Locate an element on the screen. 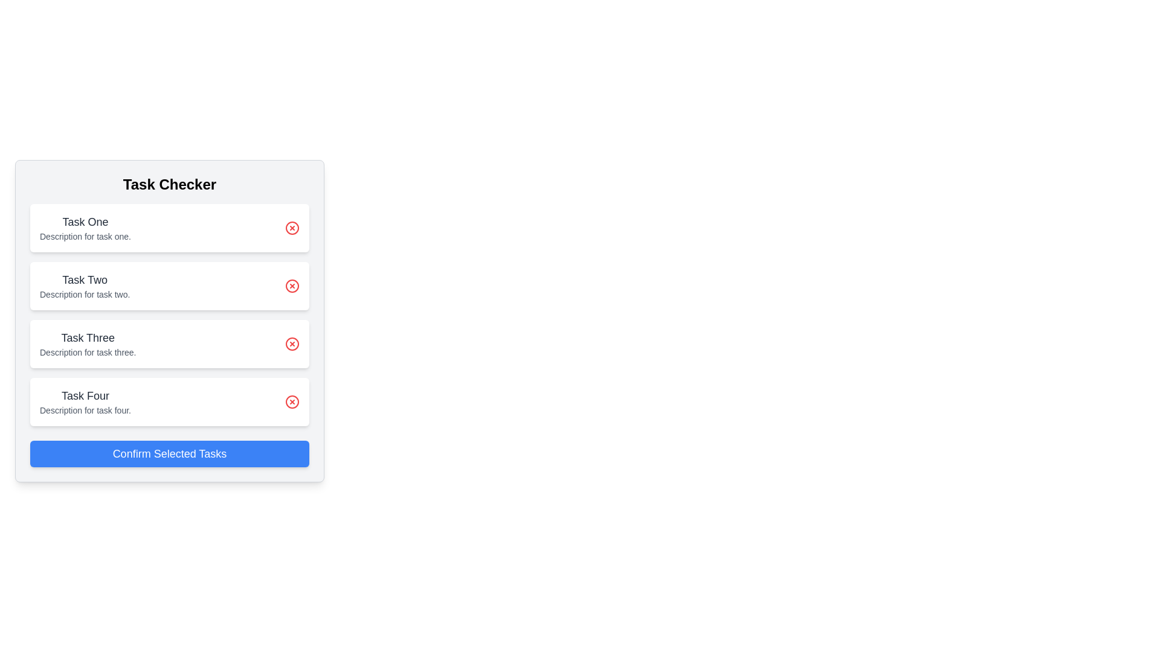  the text display that provides additional information for 'Task One', which is positioned directly below the title 'Task One' as the first task item in the list is located at coordinates (85, 237).